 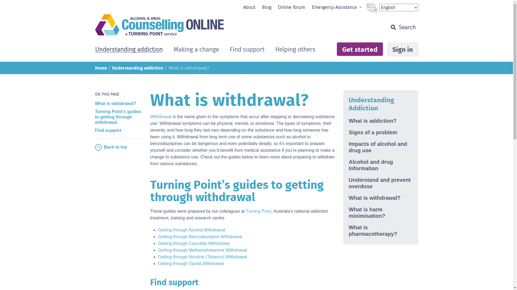 I want to click on 'Getting through Opioid Withdrawal', so click(x=191, y=263).